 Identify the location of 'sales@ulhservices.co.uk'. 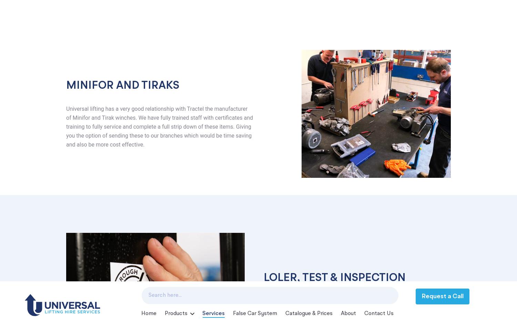
(109, 241).